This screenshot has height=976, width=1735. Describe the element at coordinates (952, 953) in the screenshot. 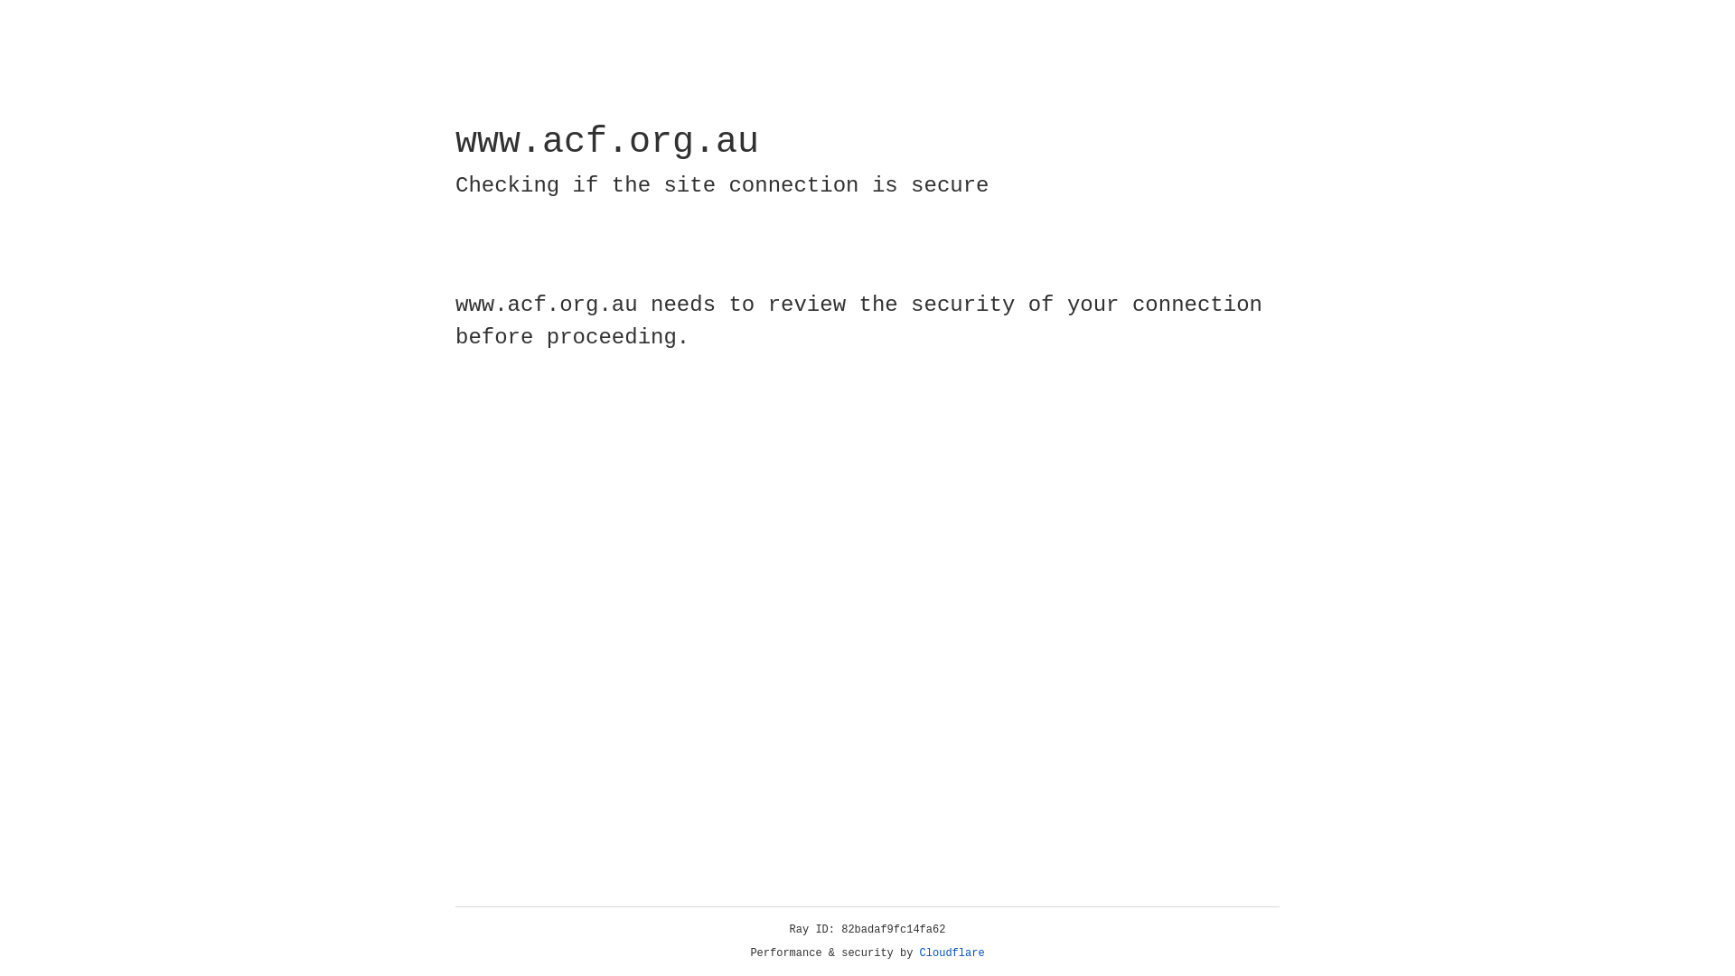

I see `'Cloudflare'` at that location.